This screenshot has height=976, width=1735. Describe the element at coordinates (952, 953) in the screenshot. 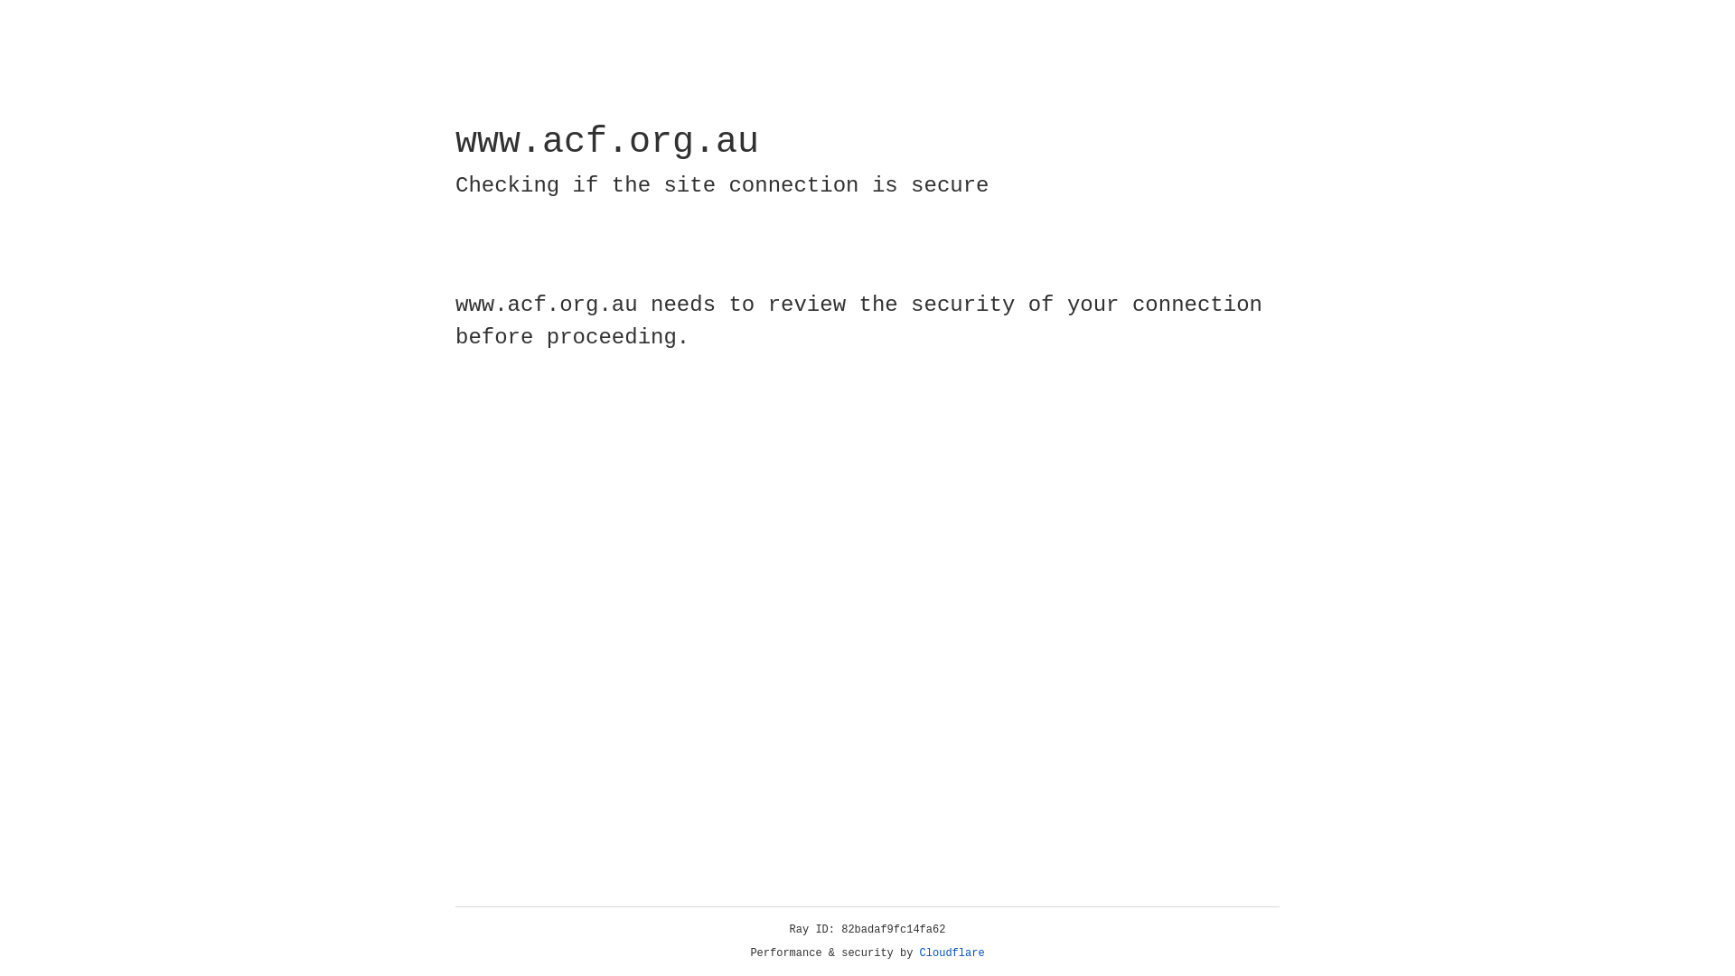

I see `'Cloudflare'` at that location.